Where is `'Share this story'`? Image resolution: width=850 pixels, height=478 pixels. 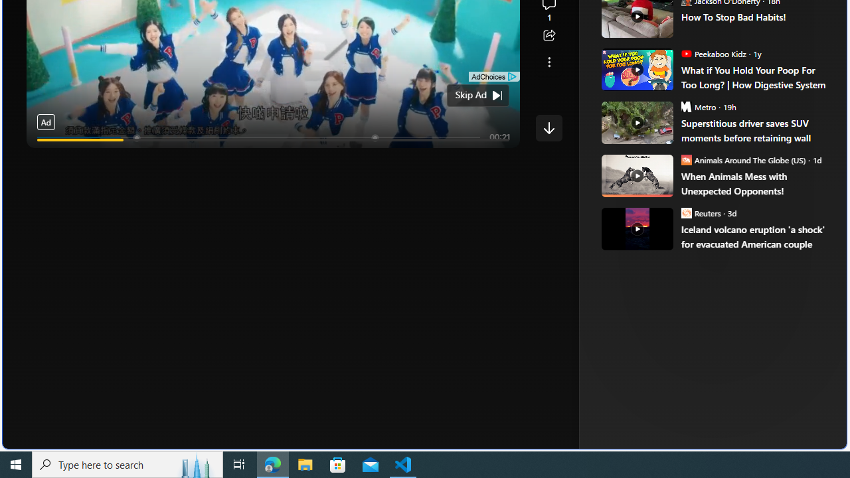
'Share this story' is located at coordinates (549, 35).